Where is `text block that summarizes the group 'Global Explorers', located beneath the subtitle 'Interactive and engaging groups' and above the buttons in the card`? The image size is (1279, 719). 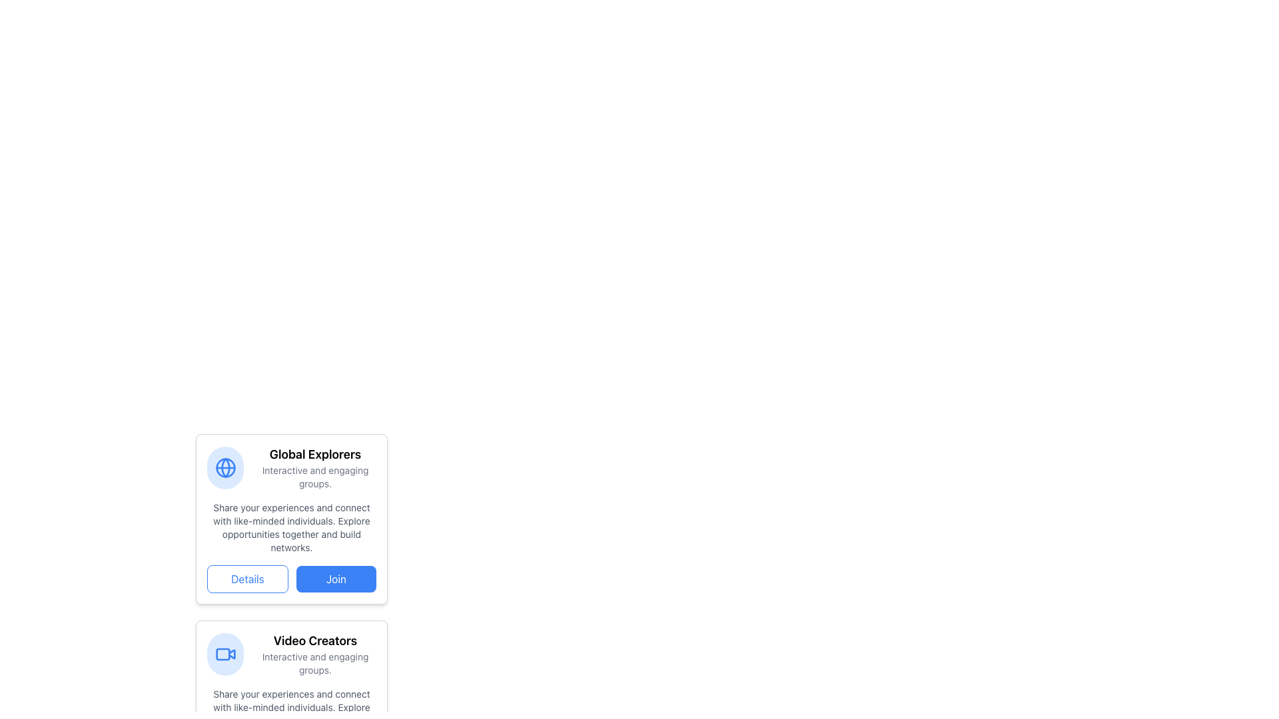
text block that summarizes the group 'Global Explorers', located beneath the subtitle 'Interactive and engaging groups' and above the buttons in the card is located at coordinates (290, 527).